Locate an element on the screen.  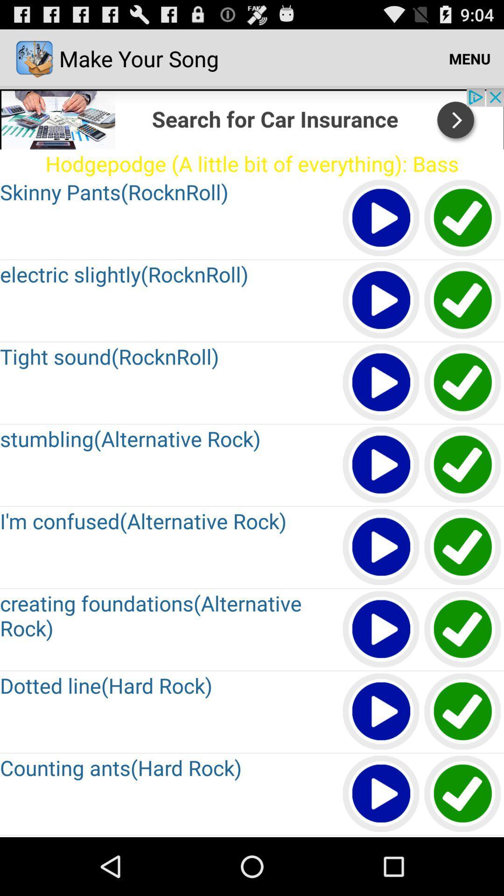
button is located at coordinates (381, 630).